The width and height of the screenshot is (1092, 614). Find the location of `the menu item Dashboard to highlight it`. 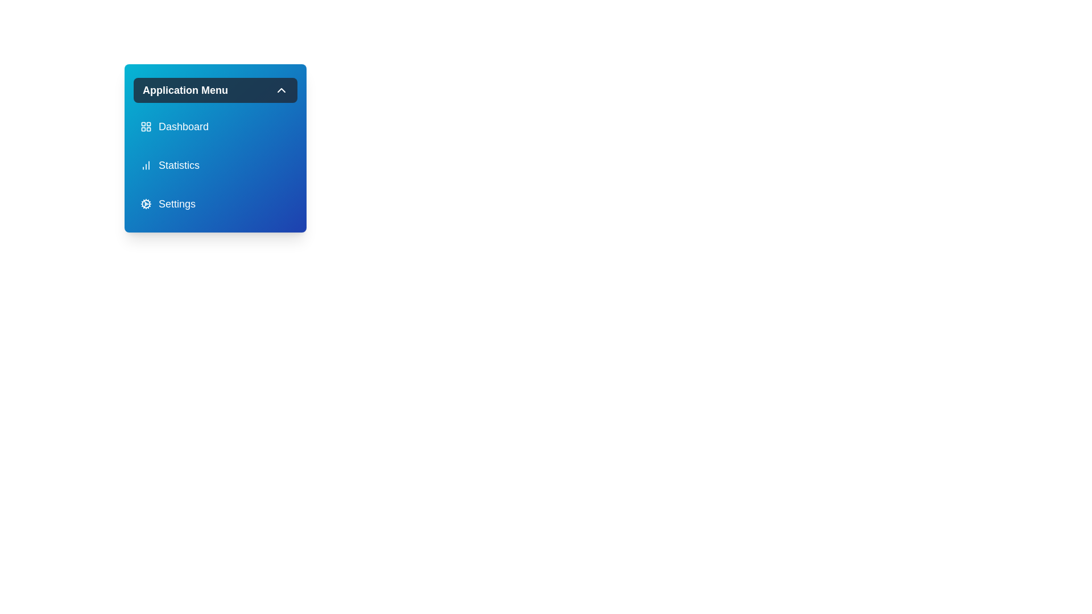

the menu item Dashboard to highlight it is located at coordinates (216, 127).